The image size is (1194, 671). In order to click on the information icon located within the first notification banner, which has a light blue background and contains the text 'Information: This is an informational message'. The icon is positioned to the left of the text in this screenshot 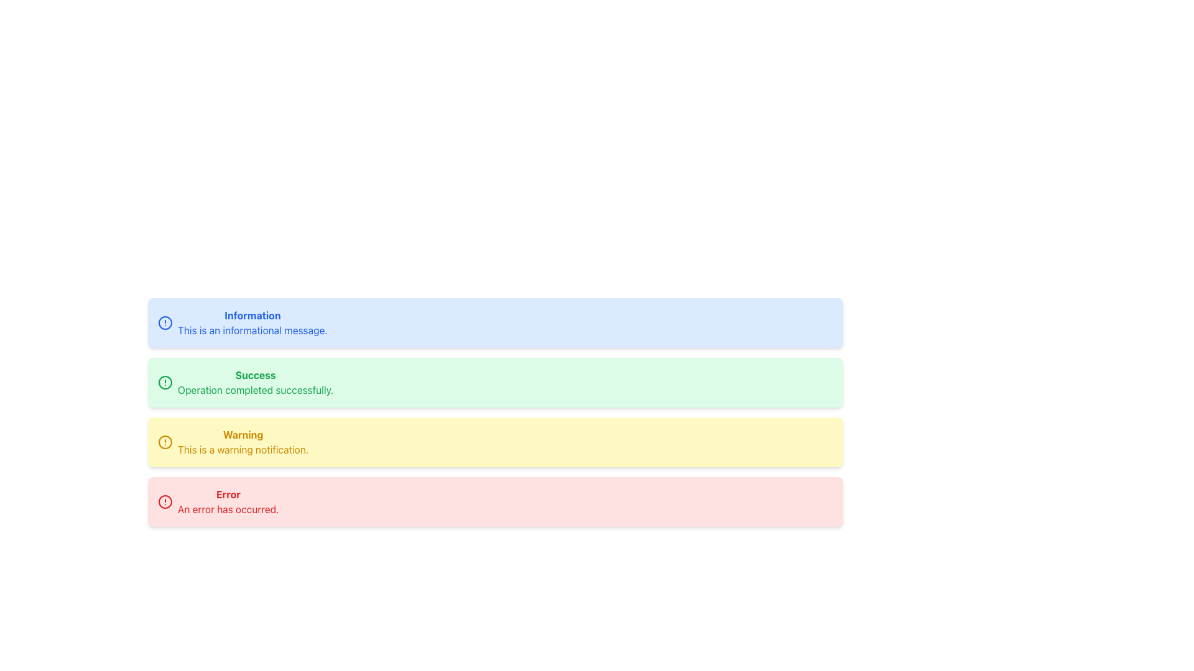, I will do `click(164, 322)`.